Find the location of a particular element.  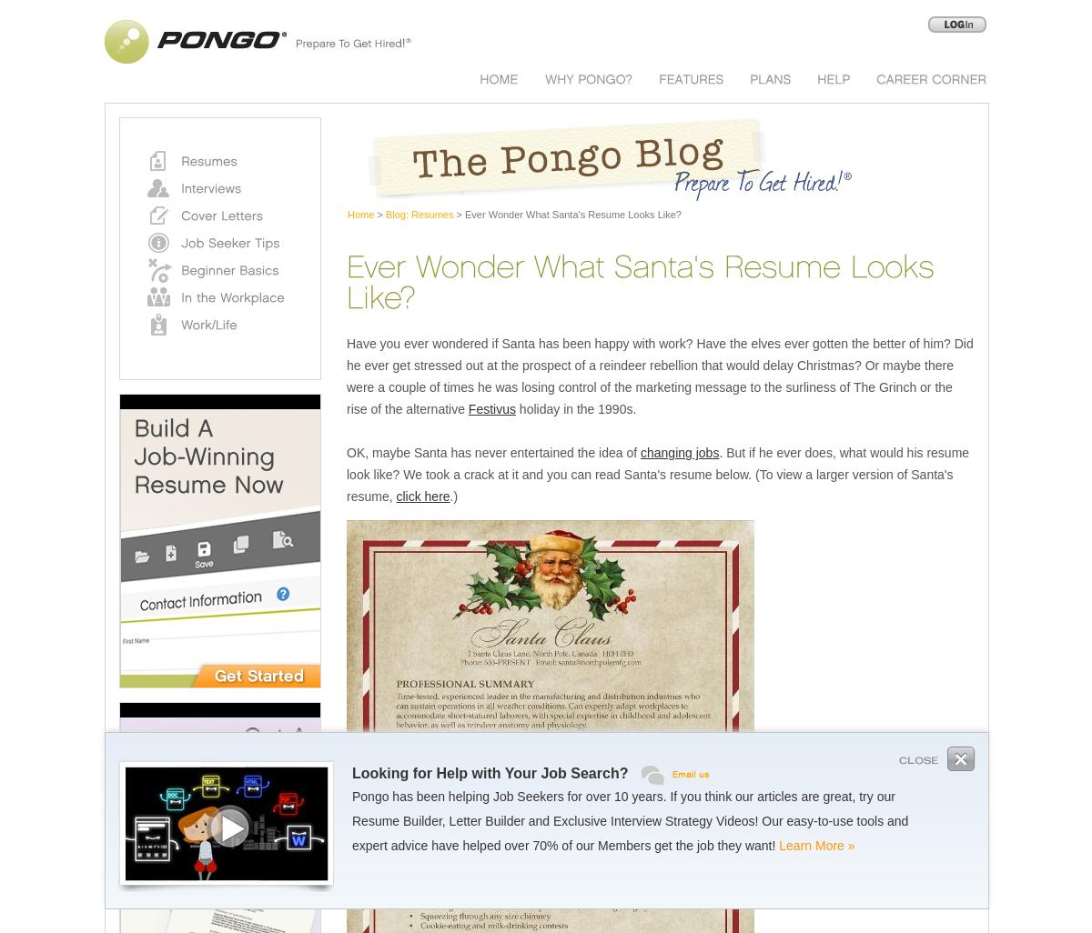

'Ever Wonder What Santa's Resume Looks Like?' is located at coordinates (460, 214).